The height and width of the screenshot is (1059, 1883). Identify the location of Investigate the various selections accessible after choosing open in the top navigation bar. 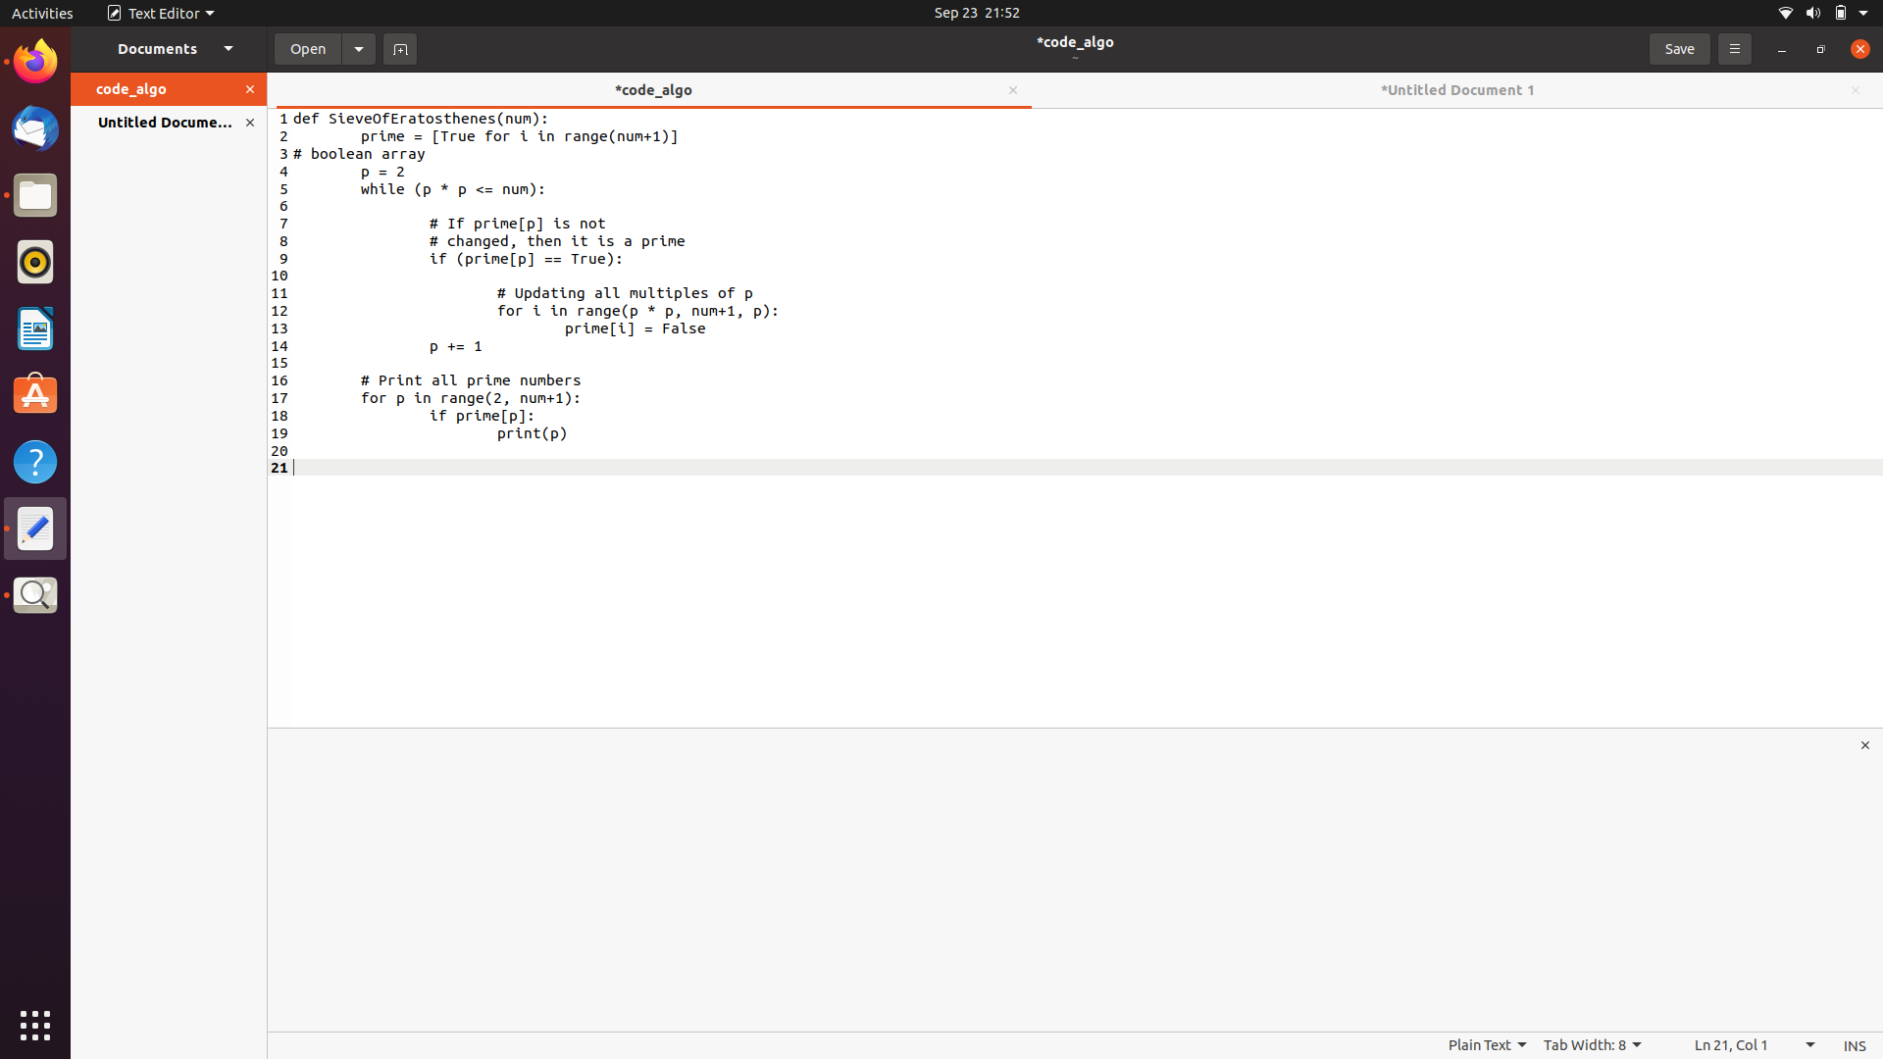
(359, 47).